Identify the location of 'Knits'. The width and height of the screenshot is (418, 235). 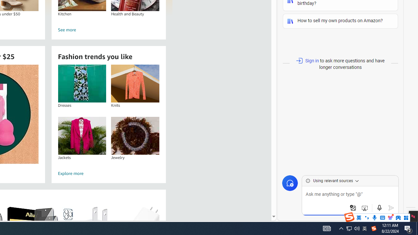
(135, 83).